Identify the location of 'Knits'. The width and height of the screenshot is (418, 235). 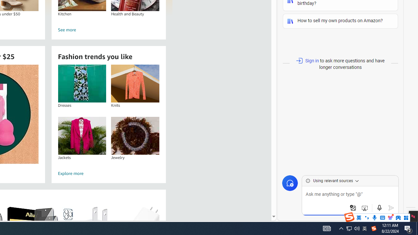
(135, 83).